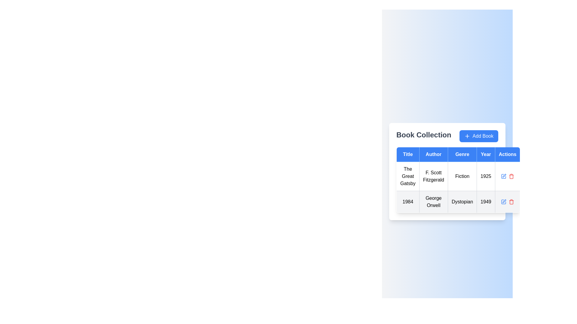  What do you see at coordinates (408, 202) in the screenshot?
I see `the static table cell displaying the title '1984', which is the first visible cell in the second row of the table under the 'Title' column` at bounding box center [408, 202].